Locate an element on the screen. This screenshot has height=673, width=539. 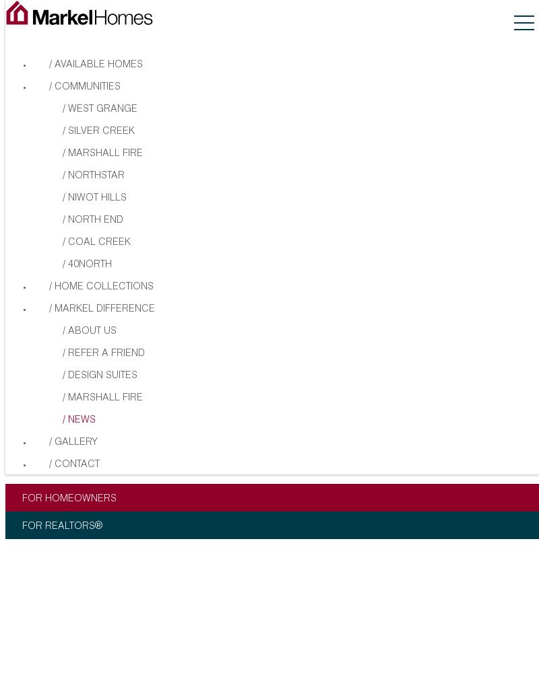
'Information provided is deemed reliable but not guaranteed. Markel Homes reserves the right to change plans, elevations, pricing and specifications without prior notice.' is located at coordinates (28, 342).